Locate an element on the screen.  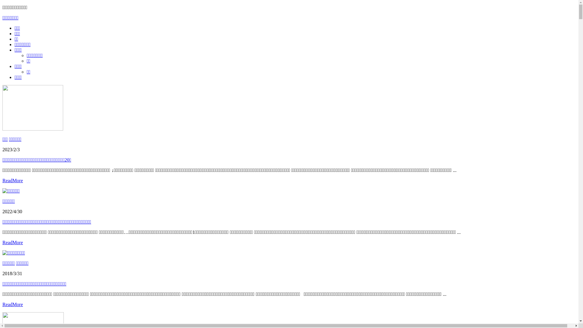
'ReadMore' is located at coordinates (13, 180).